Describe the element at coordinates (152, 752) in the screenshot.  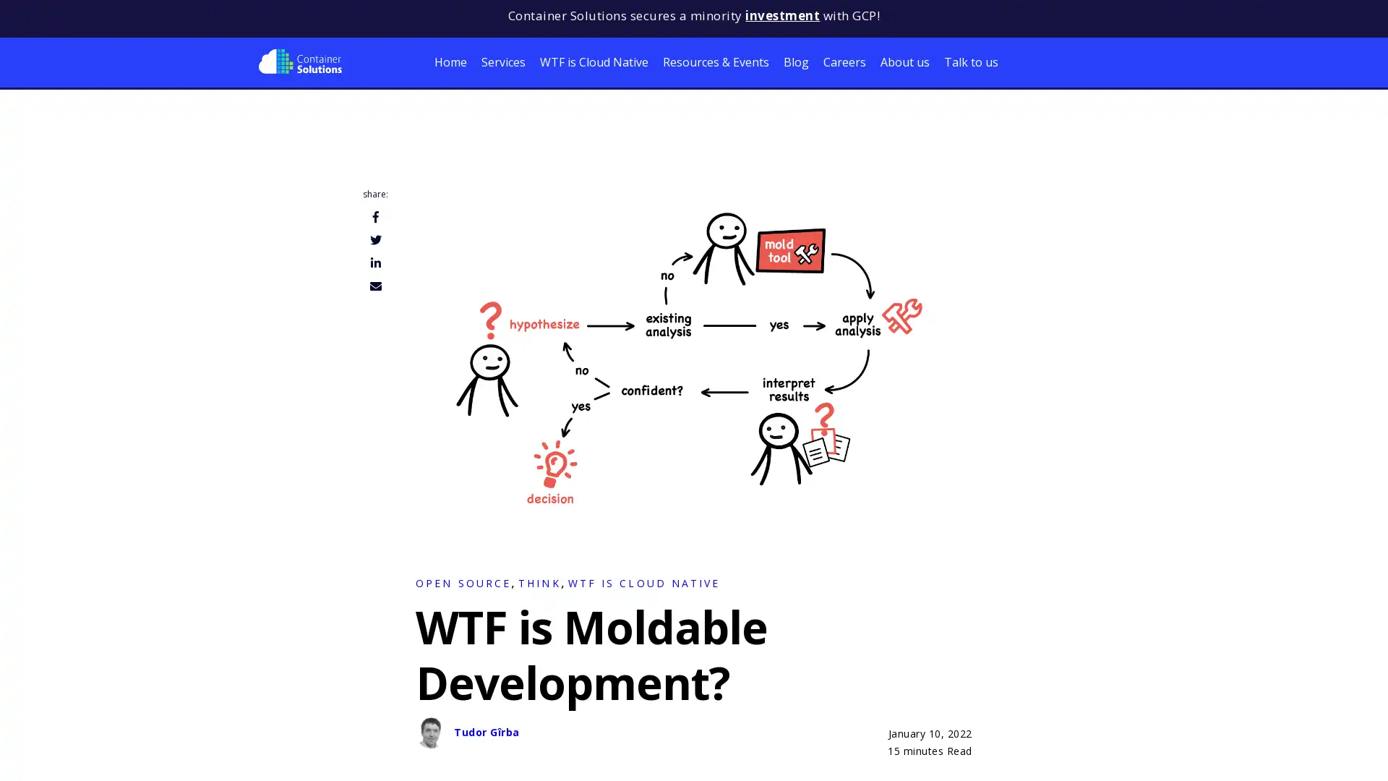
I see `Subscribe now` at that location.